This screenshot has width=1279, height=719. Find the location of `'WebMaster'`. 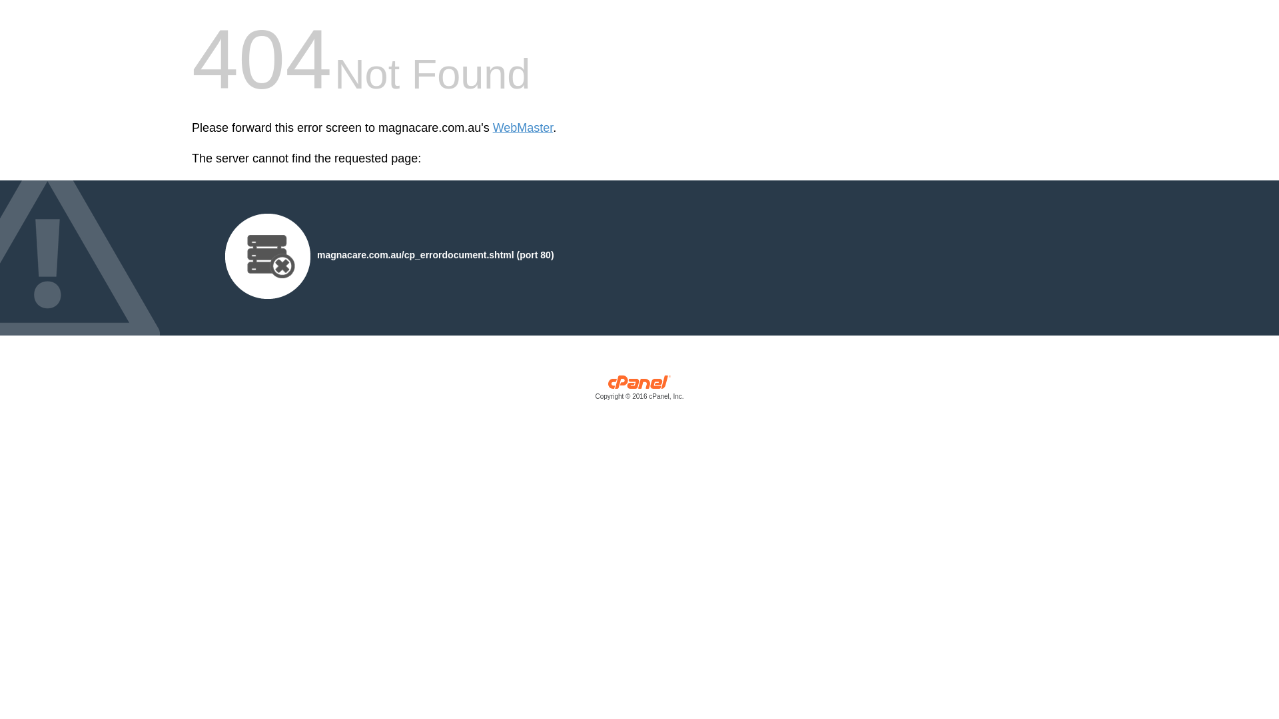

'WebMaster' is located at coordinates (492, 128).